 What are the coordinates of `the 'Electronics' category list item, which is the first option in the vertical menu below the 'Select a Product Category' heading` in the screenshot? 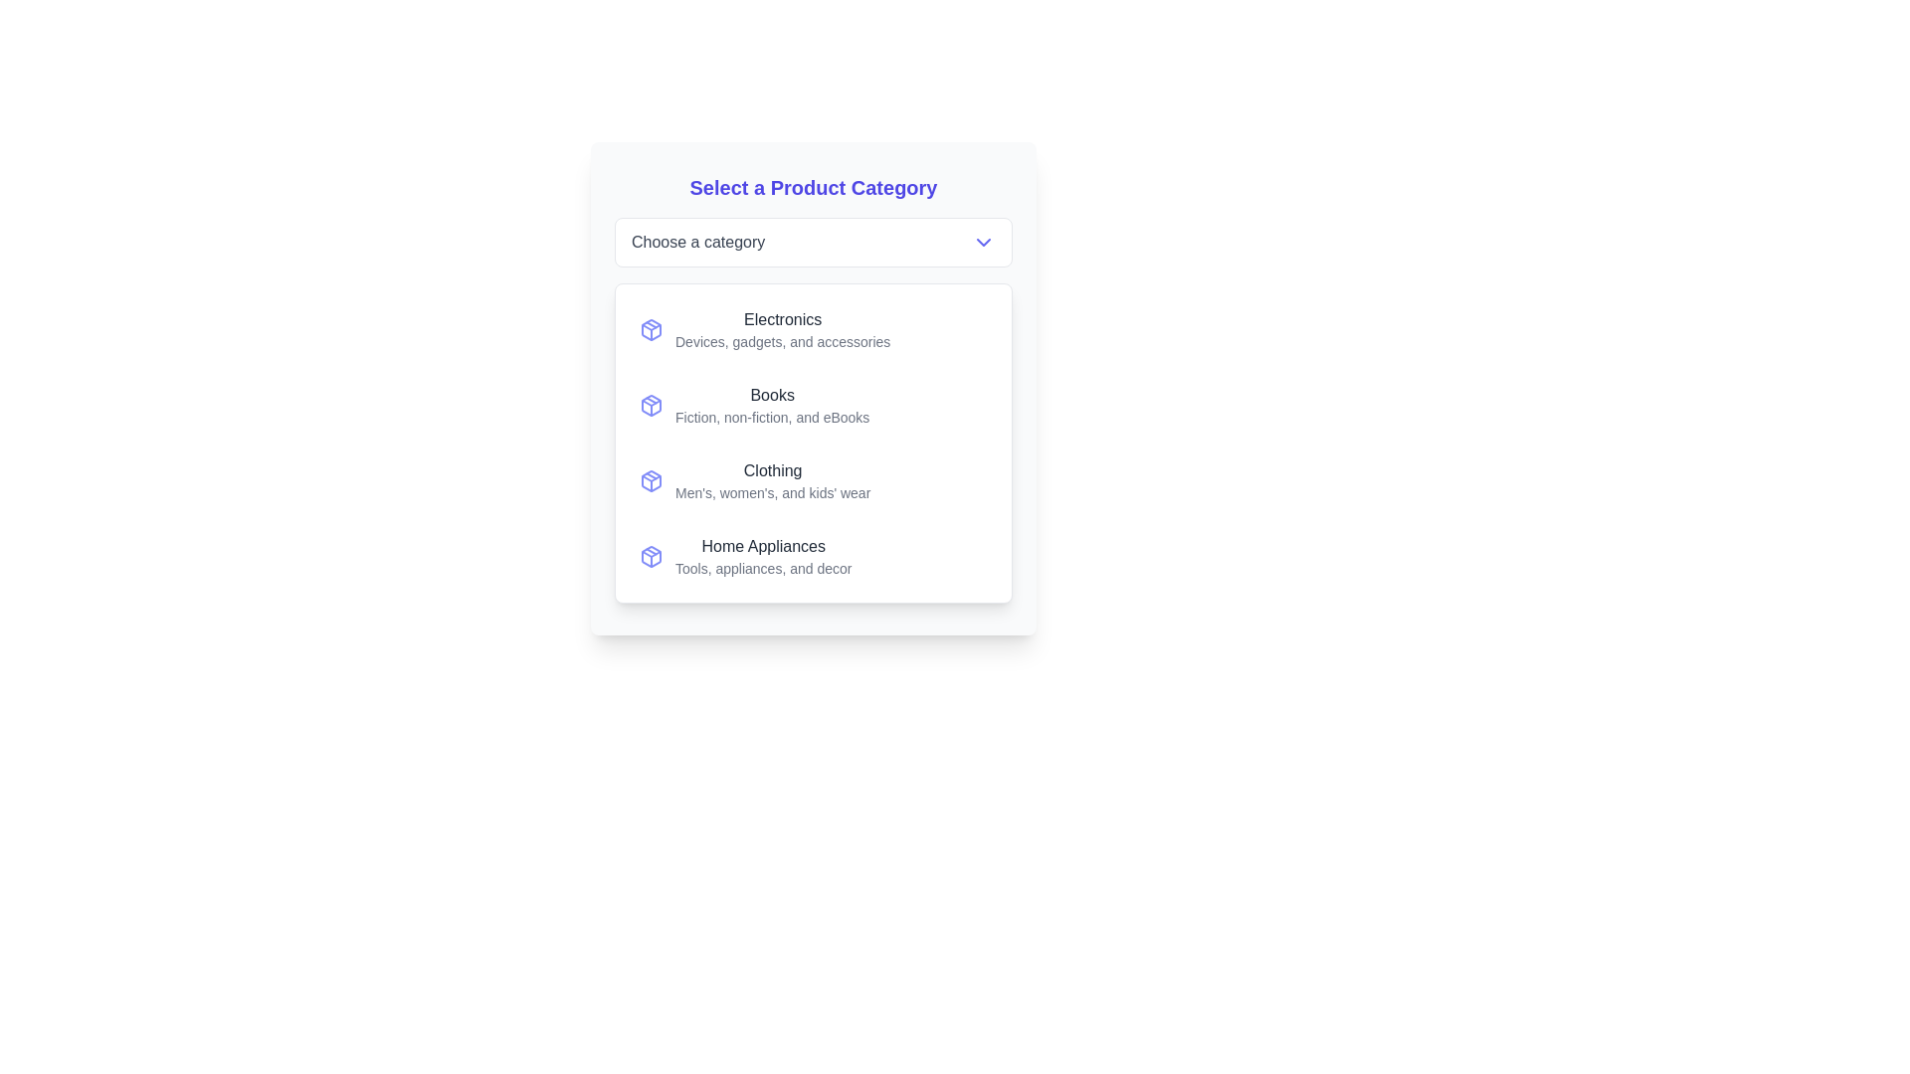 It's located at (813, 328).